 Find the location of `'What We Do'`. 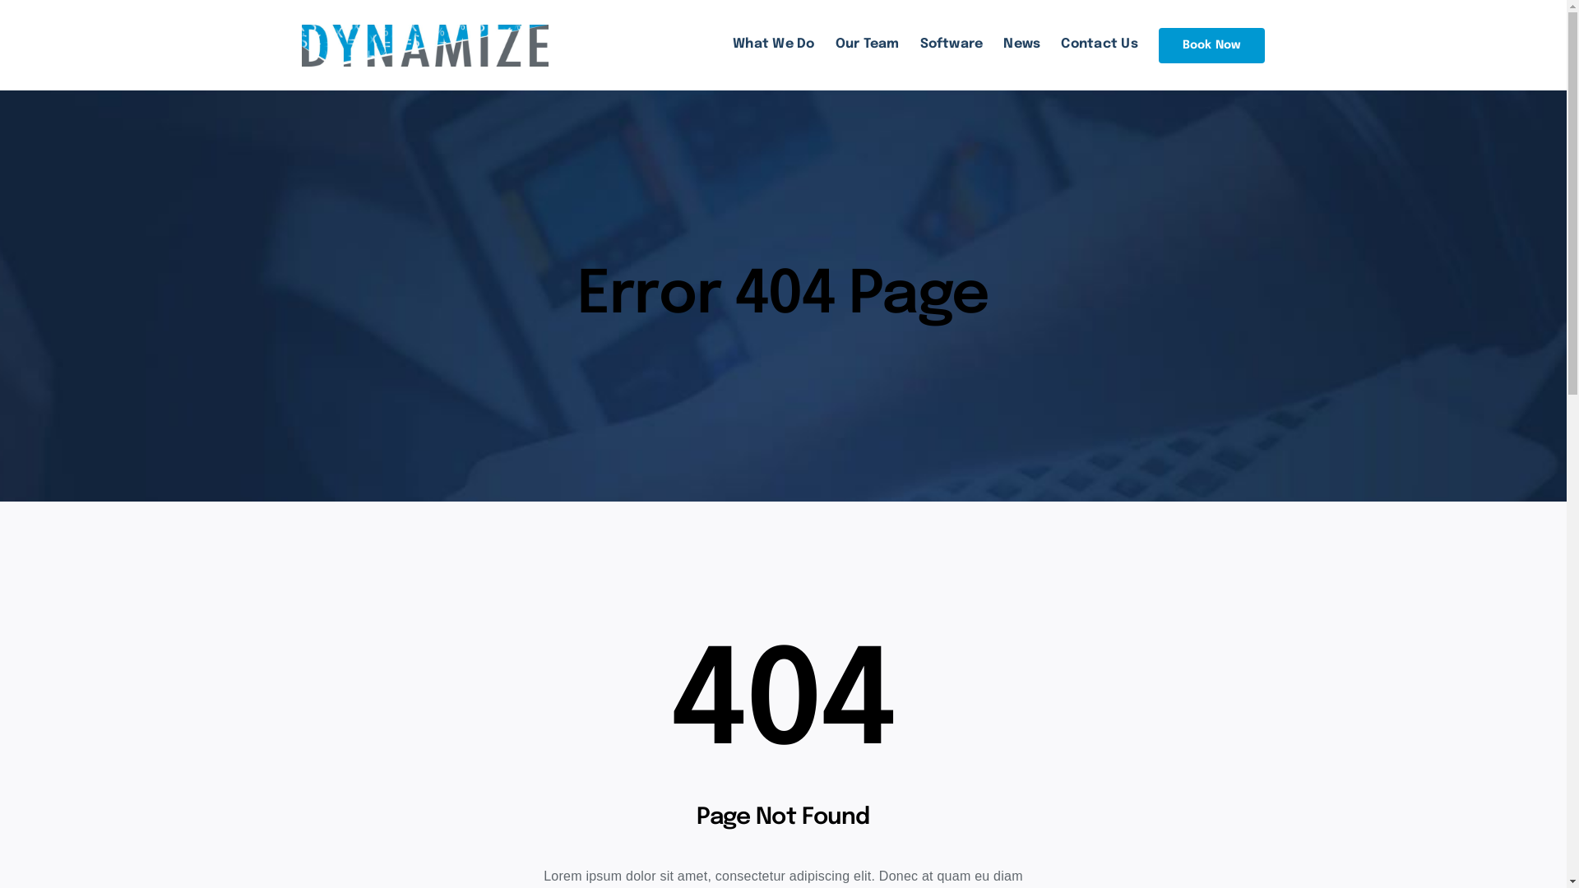

'What We Do' is located at coordinates (772, 44).